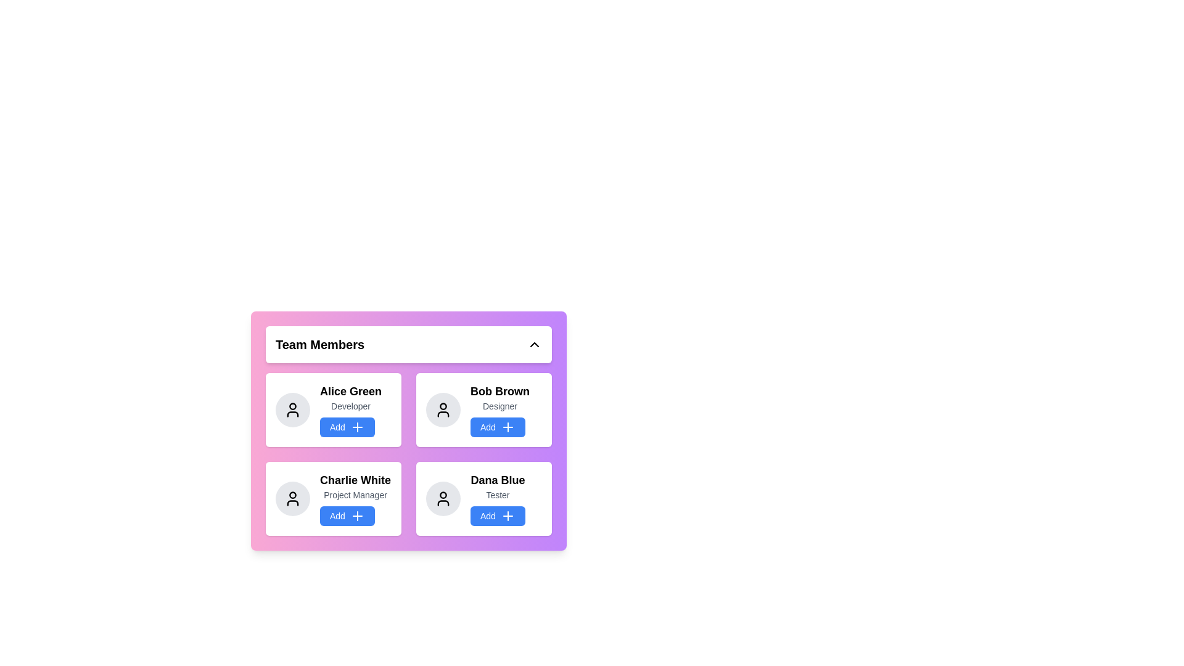 The image size is (1184, 666). I want to click on the 'Add' button located at the bottom of the card labeled 'Bob Brown', so click(498, 427).